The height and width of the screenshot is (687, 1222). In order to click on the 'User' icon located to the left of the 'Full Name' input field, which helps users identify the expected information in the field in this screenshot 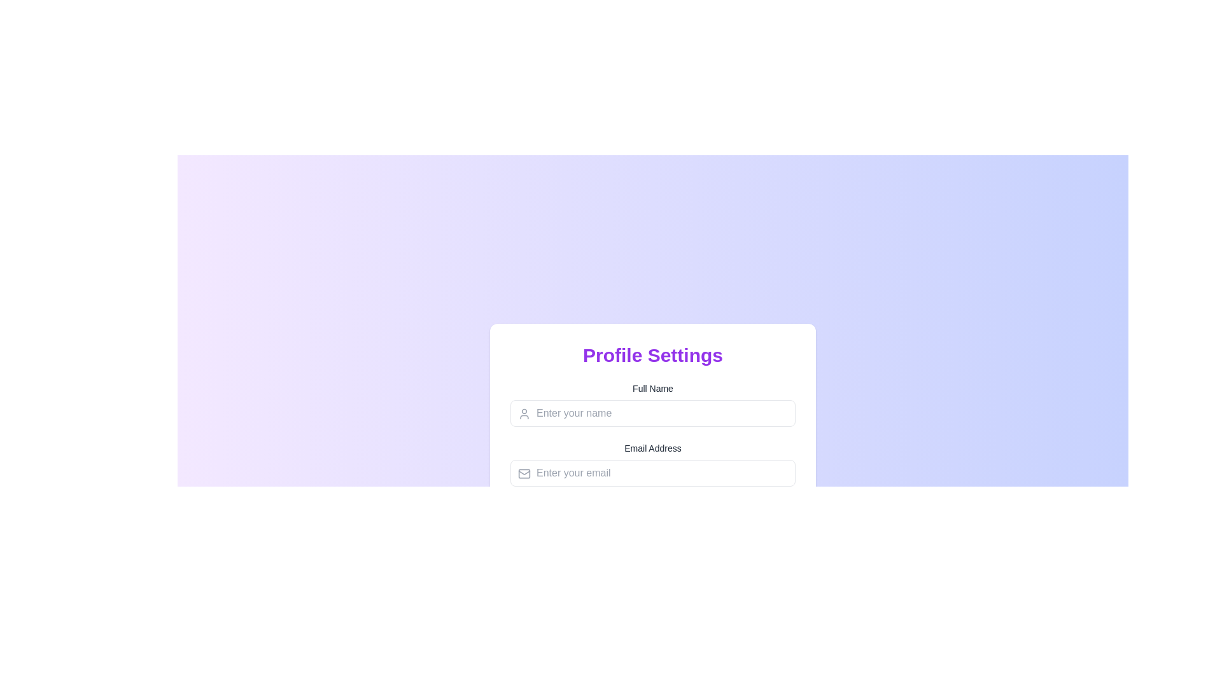, I will do `click(524, 414)`.